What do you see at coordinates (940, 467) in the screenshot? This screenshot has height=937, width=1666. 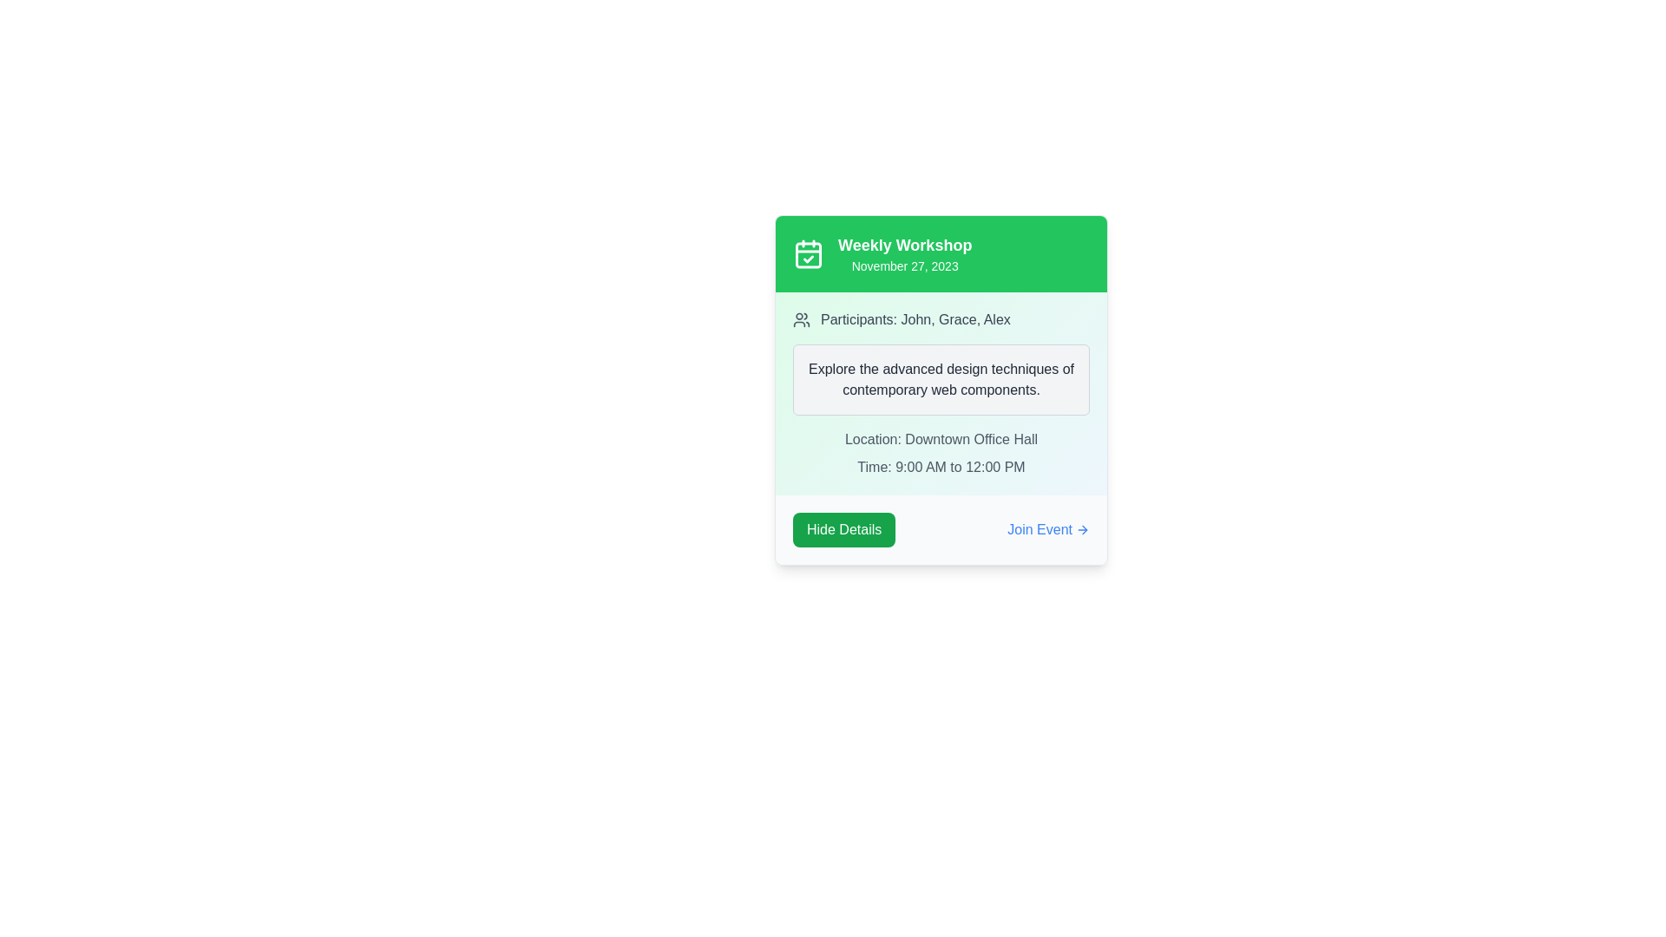 I see `time range text label that indicates the event occurs from 9:00 AM to 12:00 PM, located below the 'Location: Downtown Office Hall' text within the card interface` at bounding box center [940, 467].